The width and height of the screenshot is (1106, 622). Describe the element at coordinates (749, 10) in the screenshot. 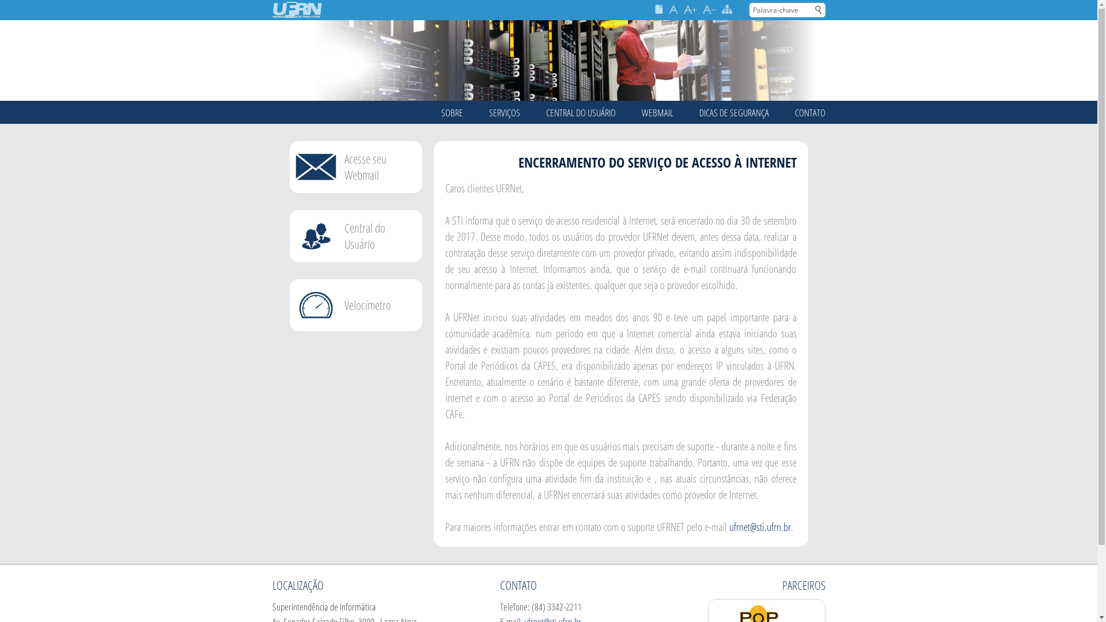

I see `'Palavra-chave'` at that location.